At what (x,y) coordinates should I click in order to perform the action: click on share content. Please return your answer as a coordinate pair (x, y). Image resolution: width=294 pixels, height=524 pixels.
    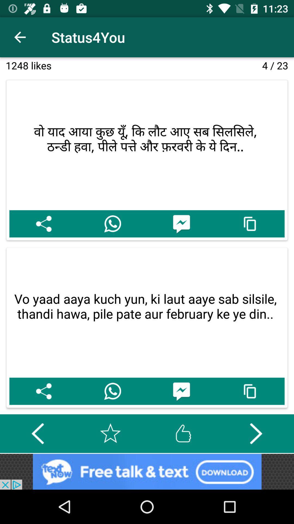
    Looking at the image, I should click on (43, 224).